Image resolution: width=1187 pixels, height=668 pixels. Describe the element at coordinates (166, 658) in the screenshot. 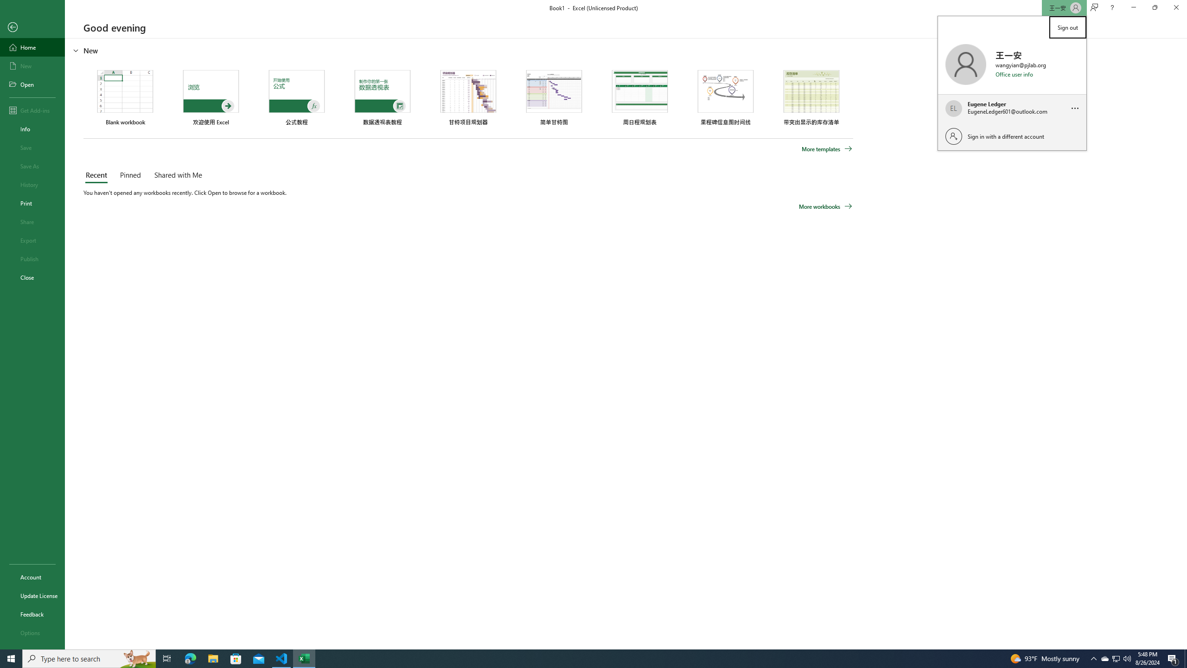

I see `'Task View'` at that location.